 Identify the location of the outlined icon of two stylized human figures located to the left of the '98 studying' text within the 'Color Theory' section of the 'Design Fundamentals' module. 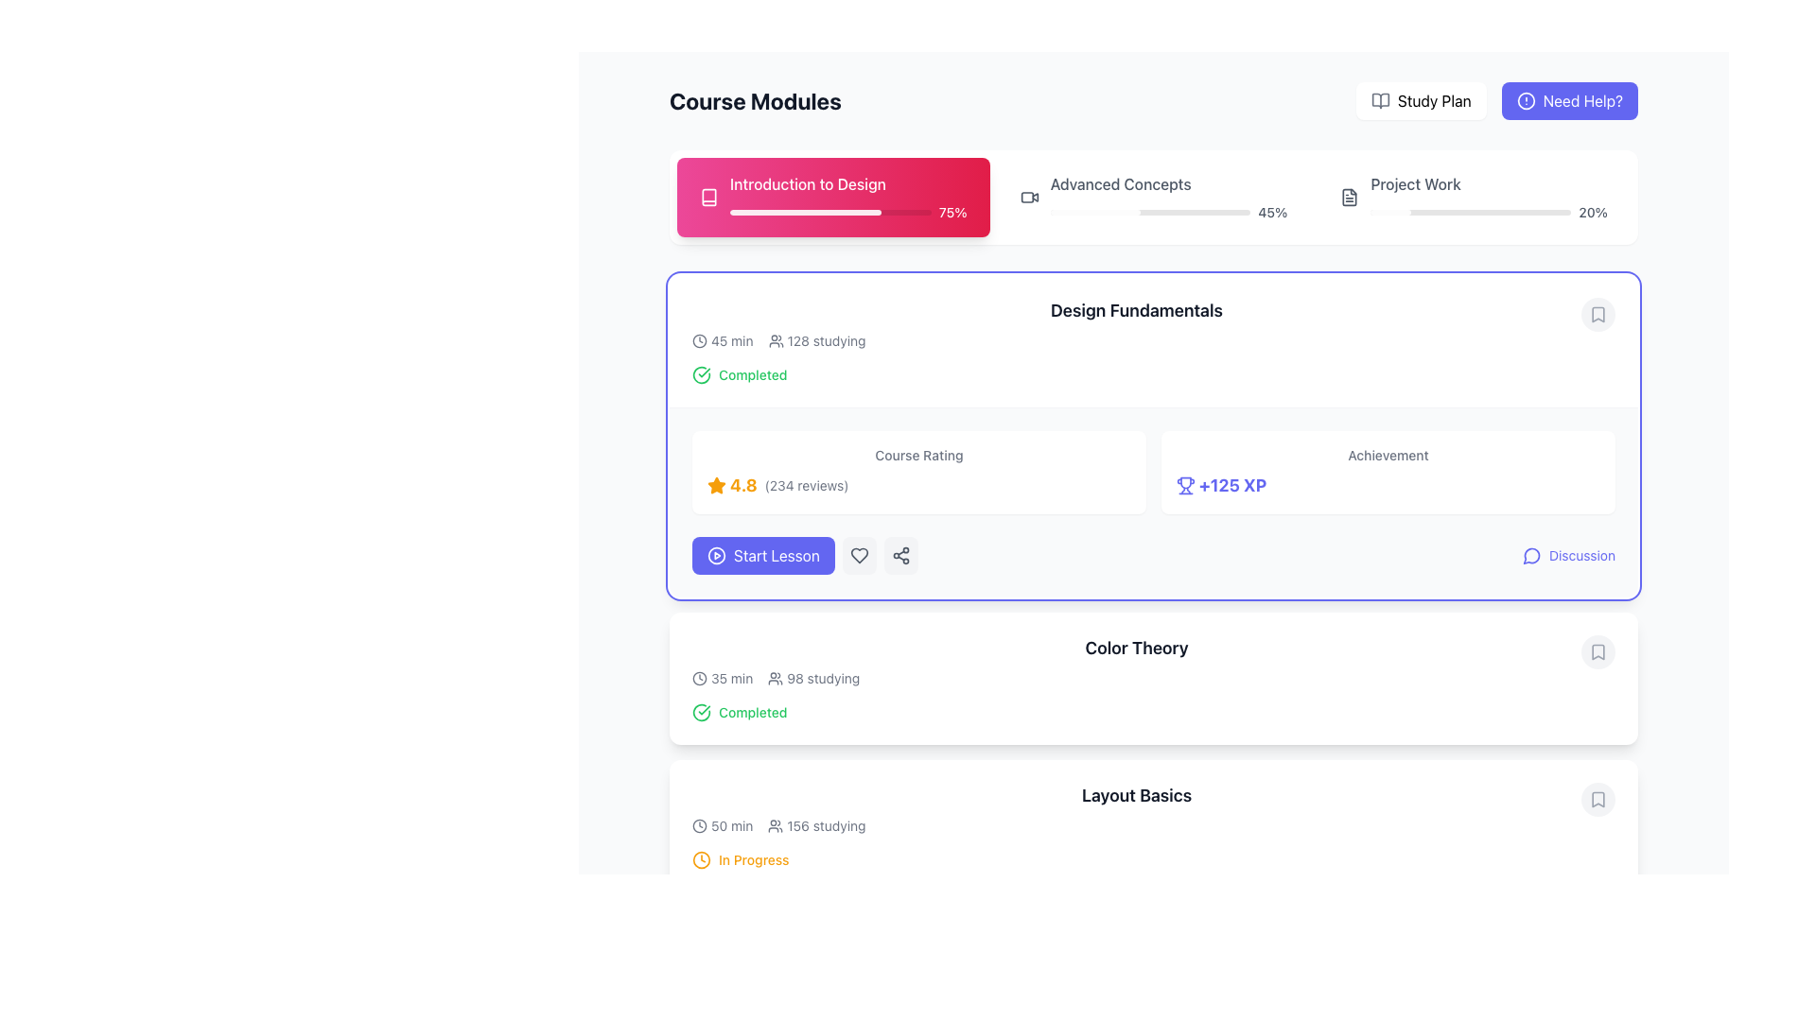
(776, 677).